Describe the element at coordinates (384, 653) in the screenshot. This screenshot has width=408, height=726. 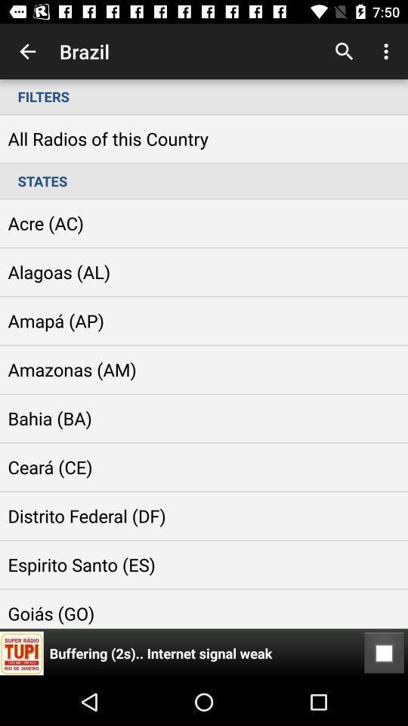
I see `the icon next to buffering 2s internet icon` at that location.